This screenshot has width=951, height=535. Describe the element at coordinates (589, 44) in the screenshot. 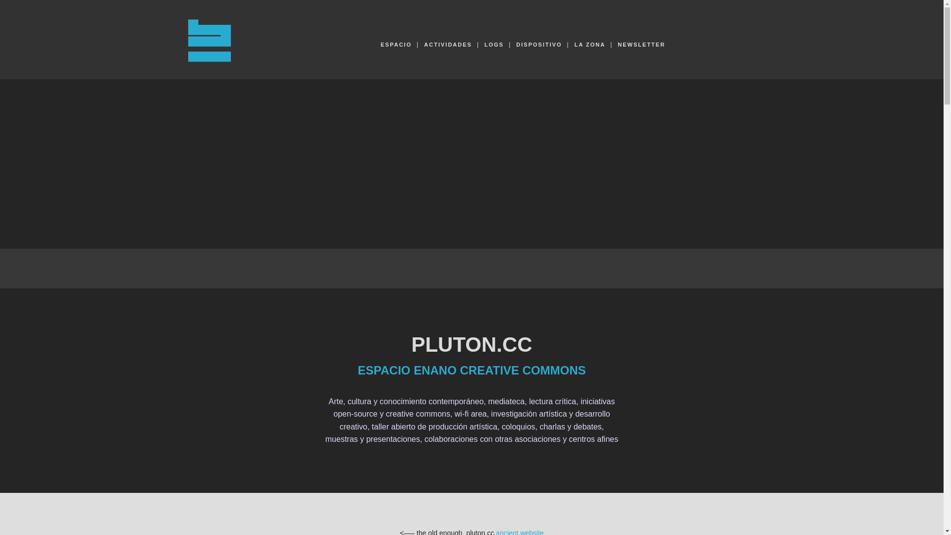

I see `'LA ZONA'` at that location.